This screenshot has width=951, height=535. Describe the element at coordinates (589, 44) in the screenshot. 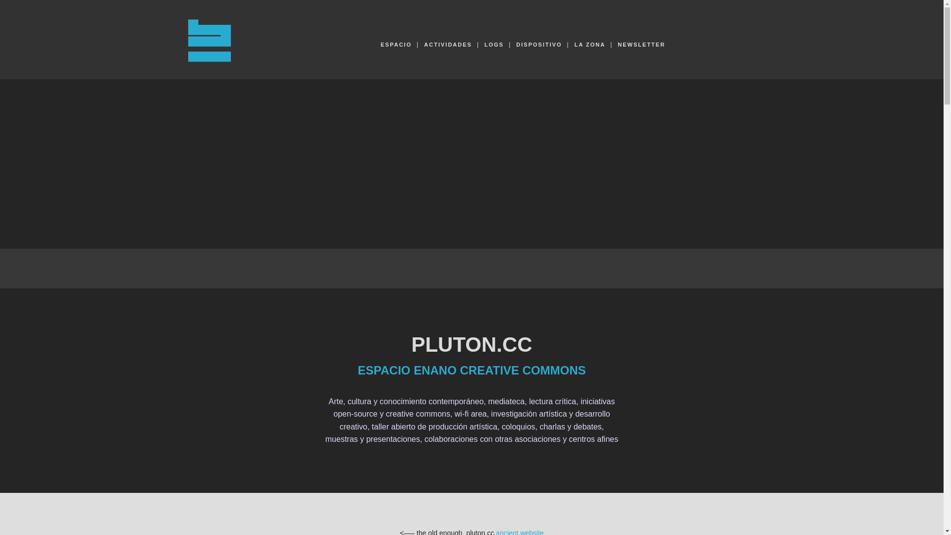

I see `'LA ZONA'` at that location.